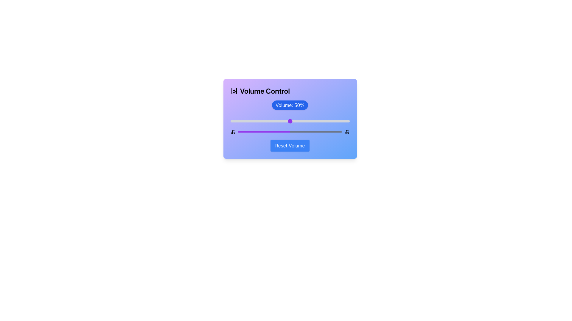  What do you see at coordinates (290, 145) in the screenshot?
I see `the 'Reset Volume' button, which is a rectangular button with a blue background and white text, located at the bottom center of the 'Volume Control' component` at bounding box center [290, 145].